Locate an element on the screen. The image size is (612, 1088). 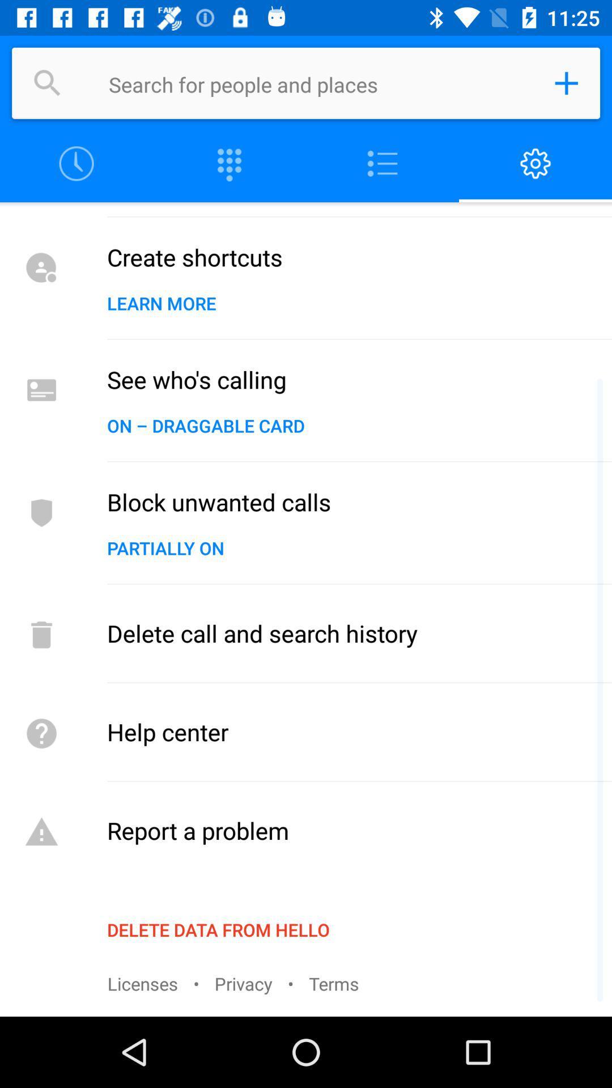
search terms is located at coordinates (320, 83).